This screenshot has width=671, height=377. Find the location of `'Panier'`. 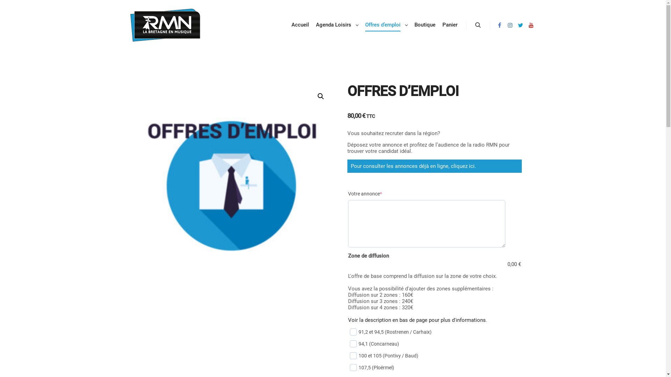

'Panier' is located at coordinates (439, 24).